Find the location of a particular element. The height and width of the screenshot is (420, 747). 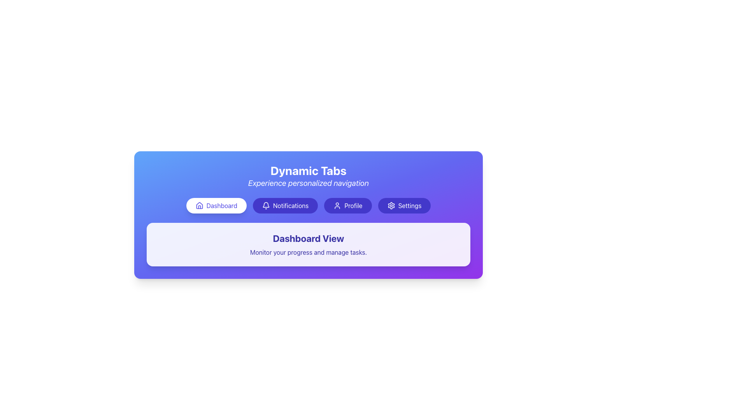

the house-shaped icon with an outline design located to the left of the 'Dashboard' text button is located at coordinates (199, 205).